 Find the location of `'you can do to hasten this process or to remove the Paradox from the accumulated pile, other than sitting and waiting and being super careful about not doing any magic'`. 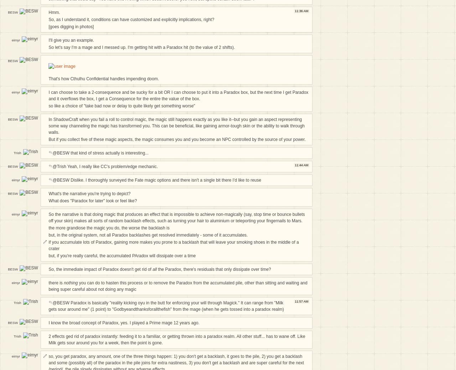

'you can do to hasten this process or to remove the Paradox from the accumulated pile, other than sitting and waiting and being super careful about not doing any magic' is located at coordinates (177, 286).